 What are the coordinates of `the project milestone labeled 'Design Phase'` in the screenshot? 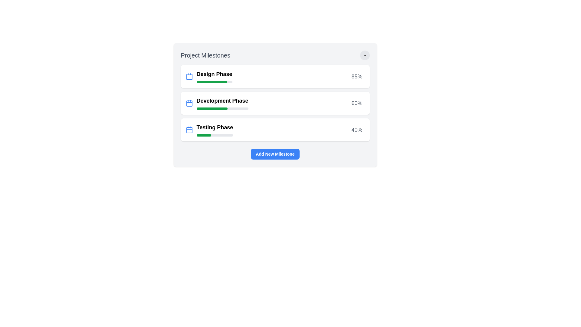 It's located at (209, 76).